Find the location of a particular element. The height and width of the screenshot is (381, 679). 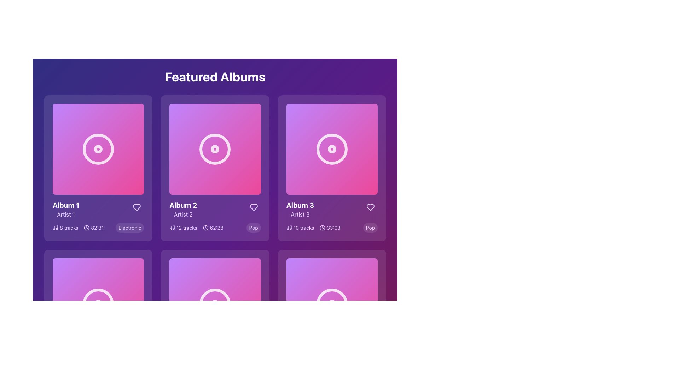

text 'Pop' from the small rounded rectangle label located in the bottom-right segment of the album description box for Album 3 is located at coordinates (370, 228).